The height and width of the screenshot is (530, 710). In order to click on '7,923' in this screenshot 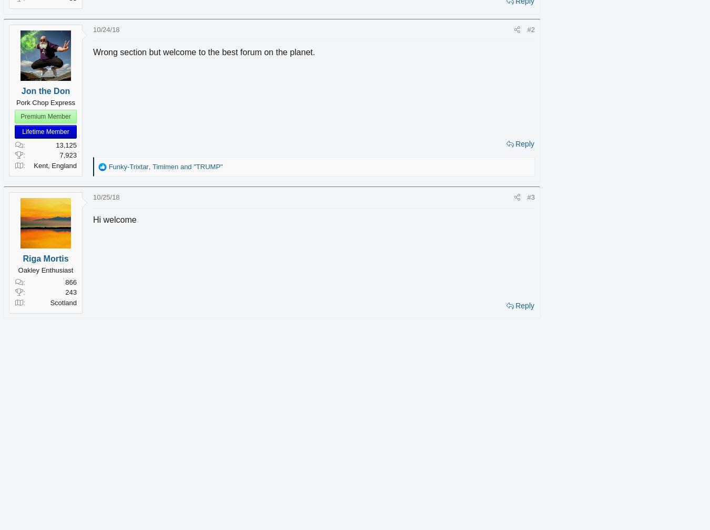, I will do `click(75, 154)`.